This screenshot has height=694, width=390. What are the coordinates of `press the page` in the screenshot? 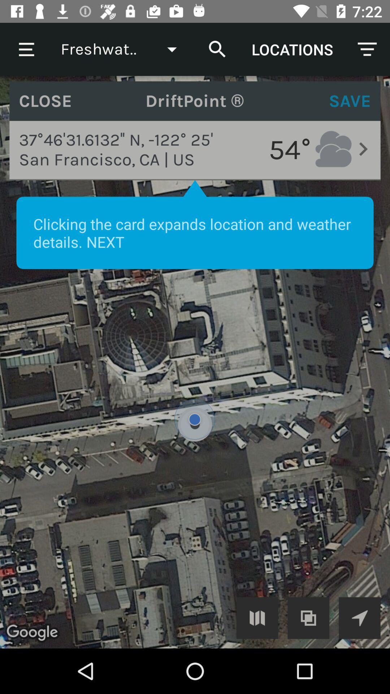 It's located at (195, 362).